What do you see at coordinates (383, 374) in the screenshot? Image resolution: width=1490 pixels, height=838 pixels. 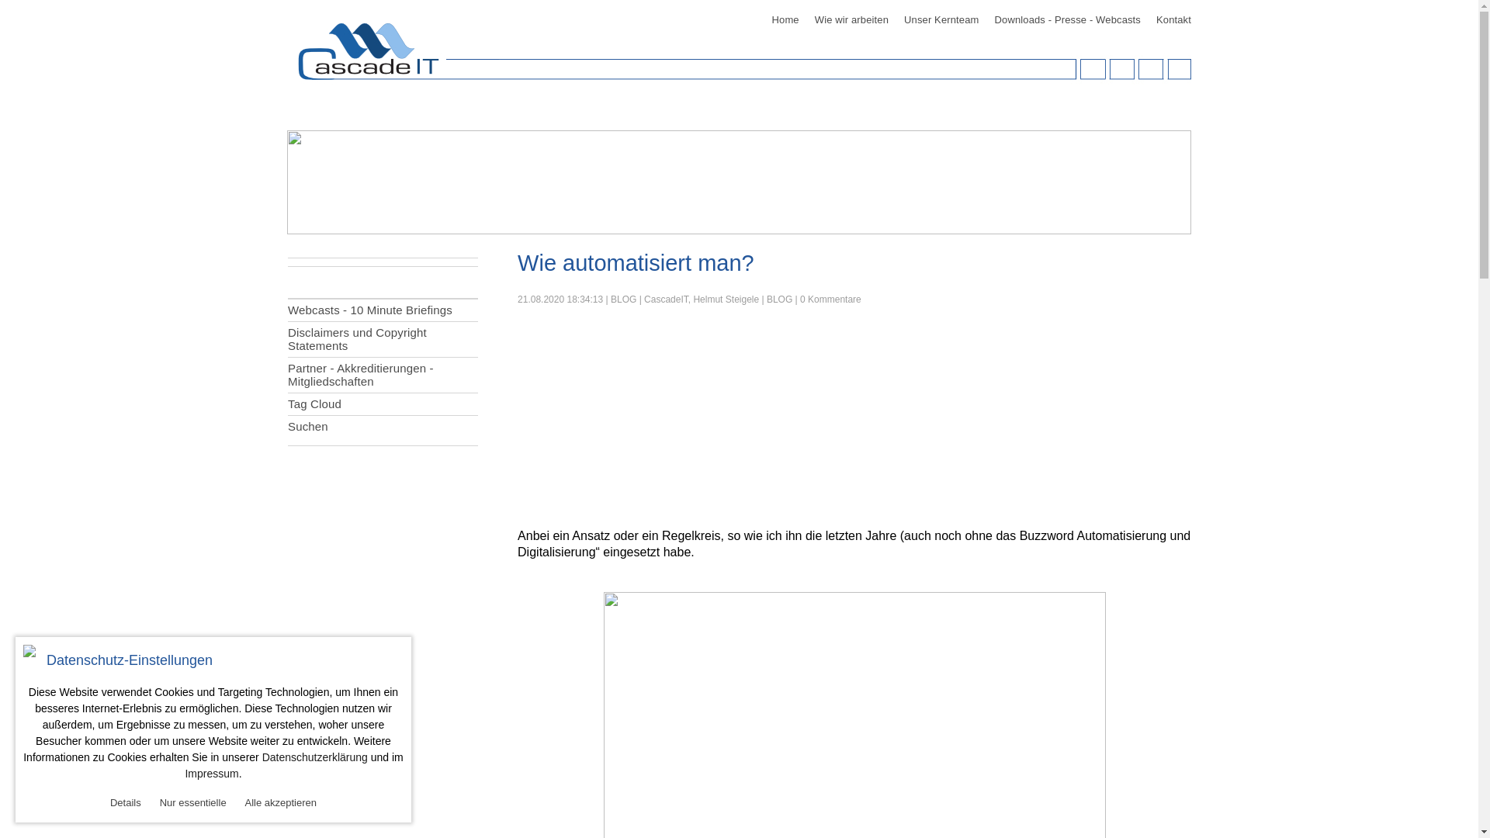 I see `'Partner - Akkreditierungen - Mitgliedschaften'` at bounding box center [383, 374].